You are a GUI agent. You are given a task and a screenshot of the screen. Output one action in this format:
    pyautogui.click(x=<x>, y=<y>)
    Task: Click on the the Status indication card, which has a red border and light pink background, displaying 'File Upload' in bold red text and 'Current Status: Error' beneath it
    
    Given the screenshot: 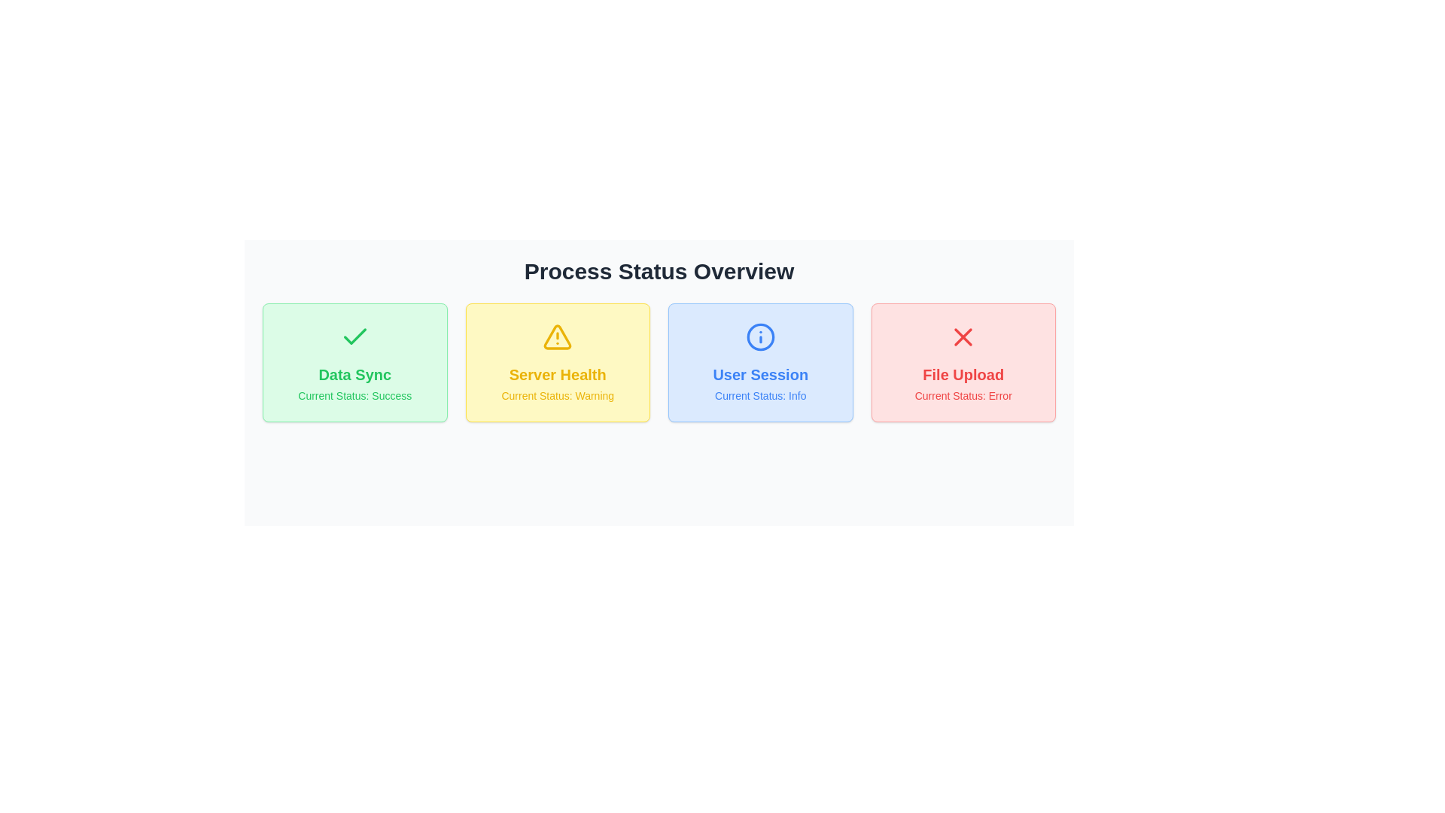 What is the action you would take?
    pyautogui.click(x=963, y=363)
    